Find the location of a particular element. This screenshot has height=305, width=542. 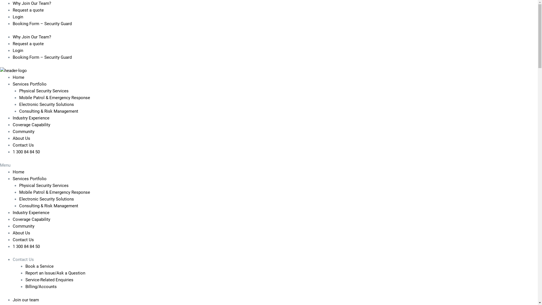

'Request a quote' is located at coordinates (28, 10).